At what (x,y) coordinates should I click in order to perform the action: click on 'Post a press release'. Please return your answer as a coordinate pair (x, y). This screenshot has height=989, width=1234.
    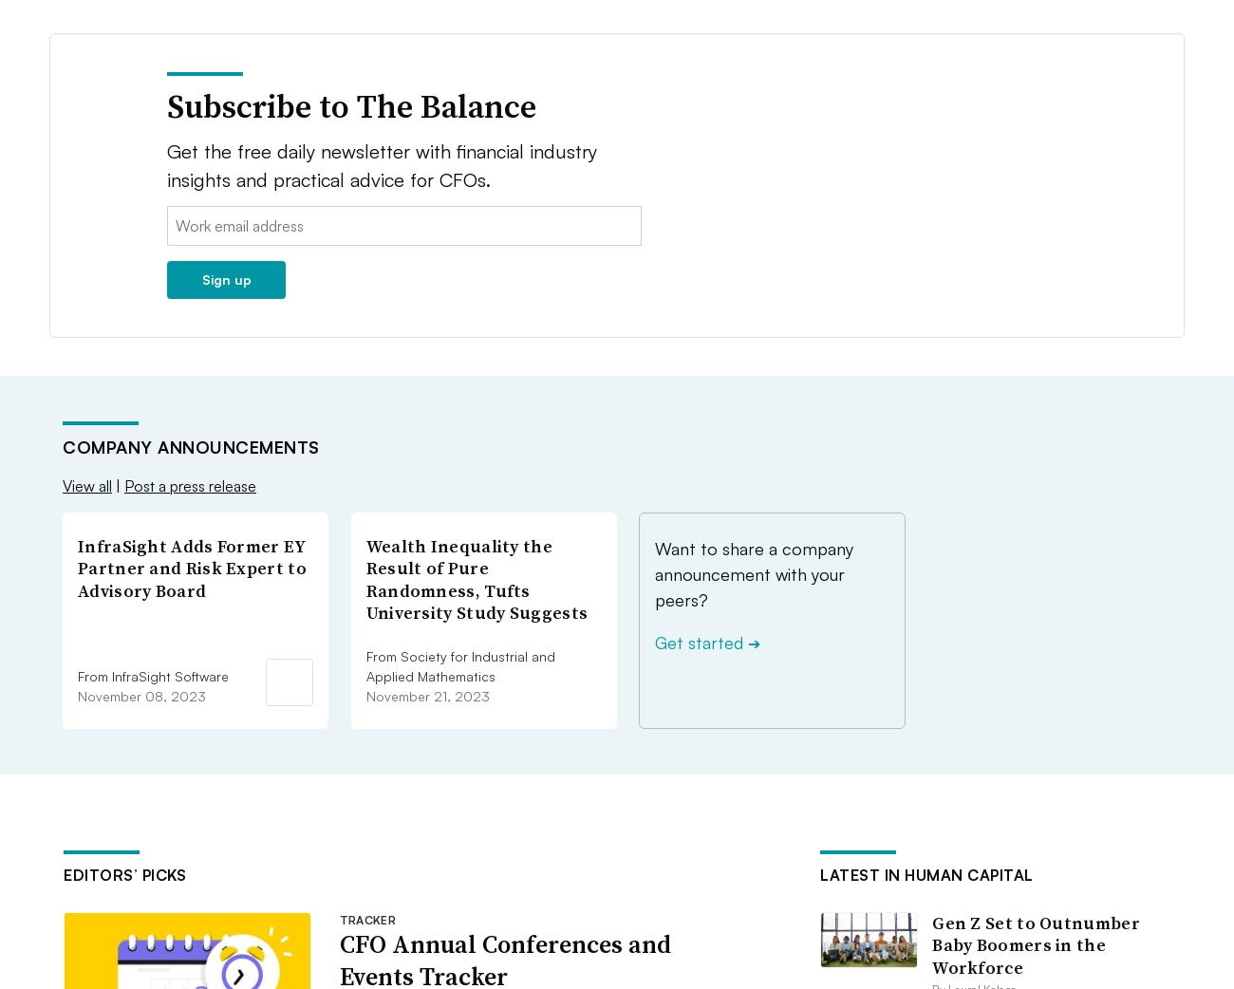
    Looking at the image, I should click on (190, 484).